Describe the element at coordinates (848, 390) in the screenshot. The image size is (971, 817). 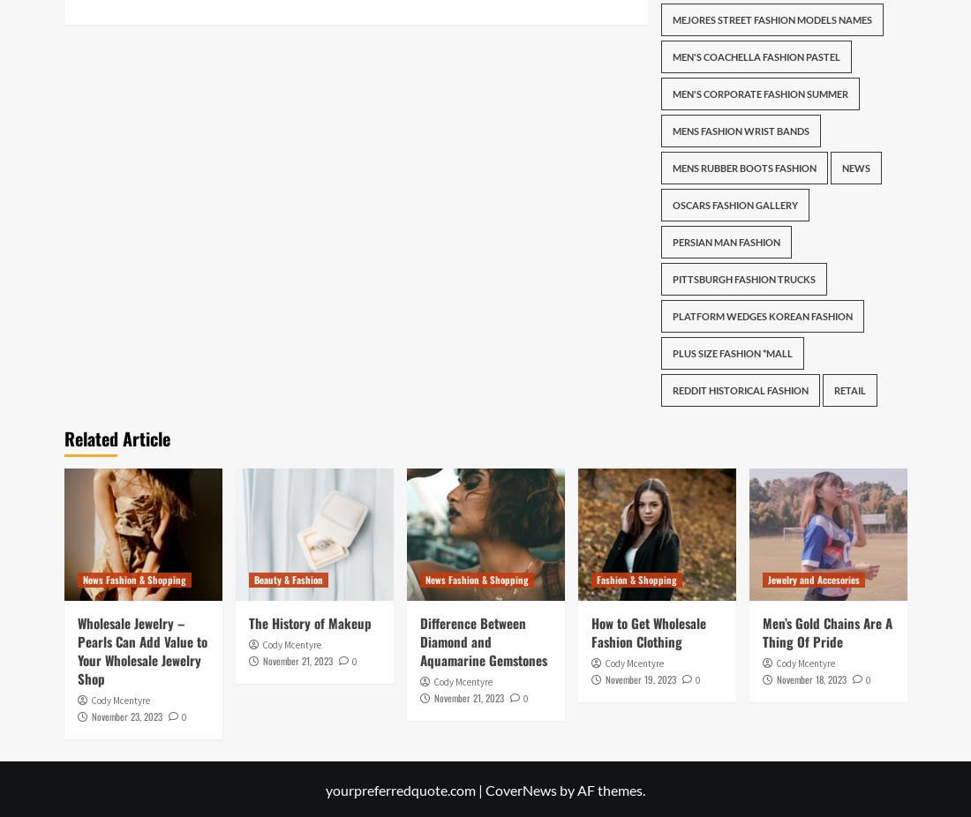
I see `'Retail'` at that location.